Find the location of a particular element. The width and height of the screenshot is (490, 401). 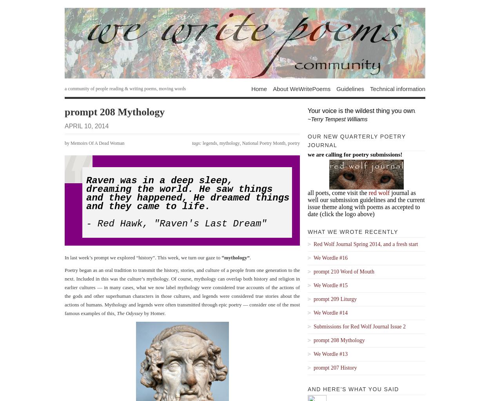

'We Wordle #15' is located at coordinates (330, 285).